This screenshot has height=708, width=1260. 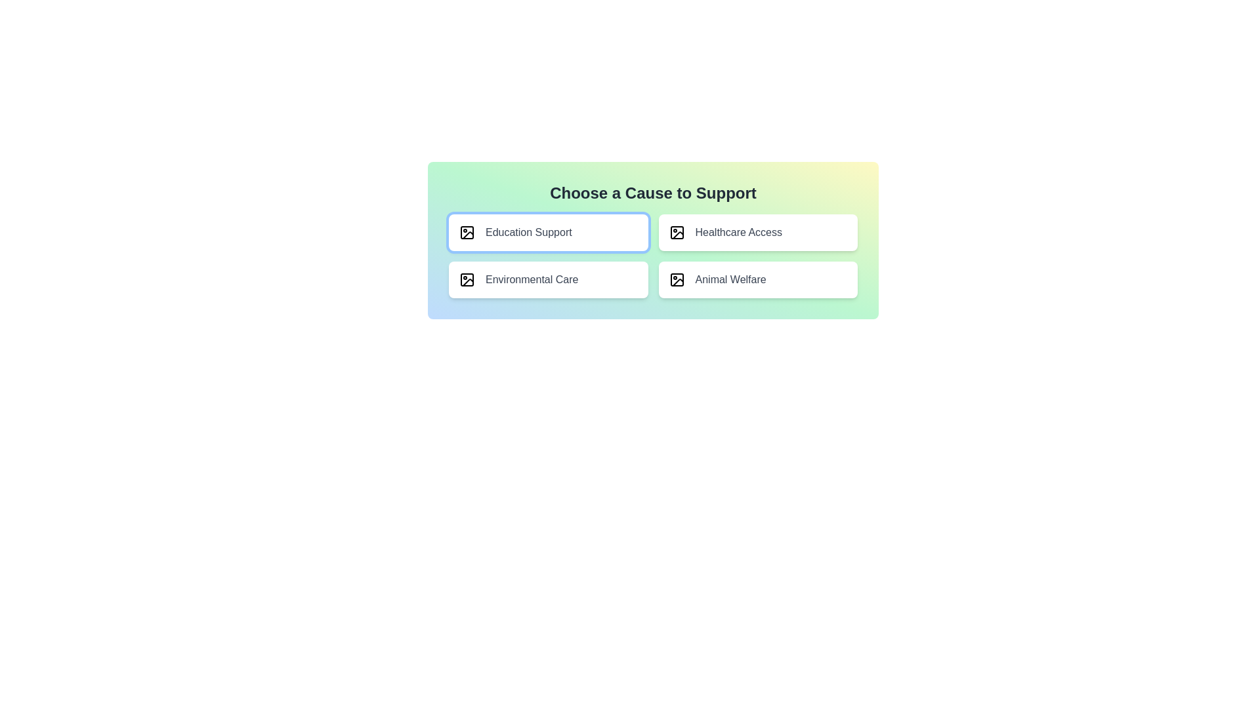 What do you see at coordinates (730, 279) in the screenshot?
I see `the 'Animal Welfare' text label which is part of a button in the fourth cell of a 2x2 grid layout, positioned below 'Healthcare Access' and` at bounding box center [730, 279].